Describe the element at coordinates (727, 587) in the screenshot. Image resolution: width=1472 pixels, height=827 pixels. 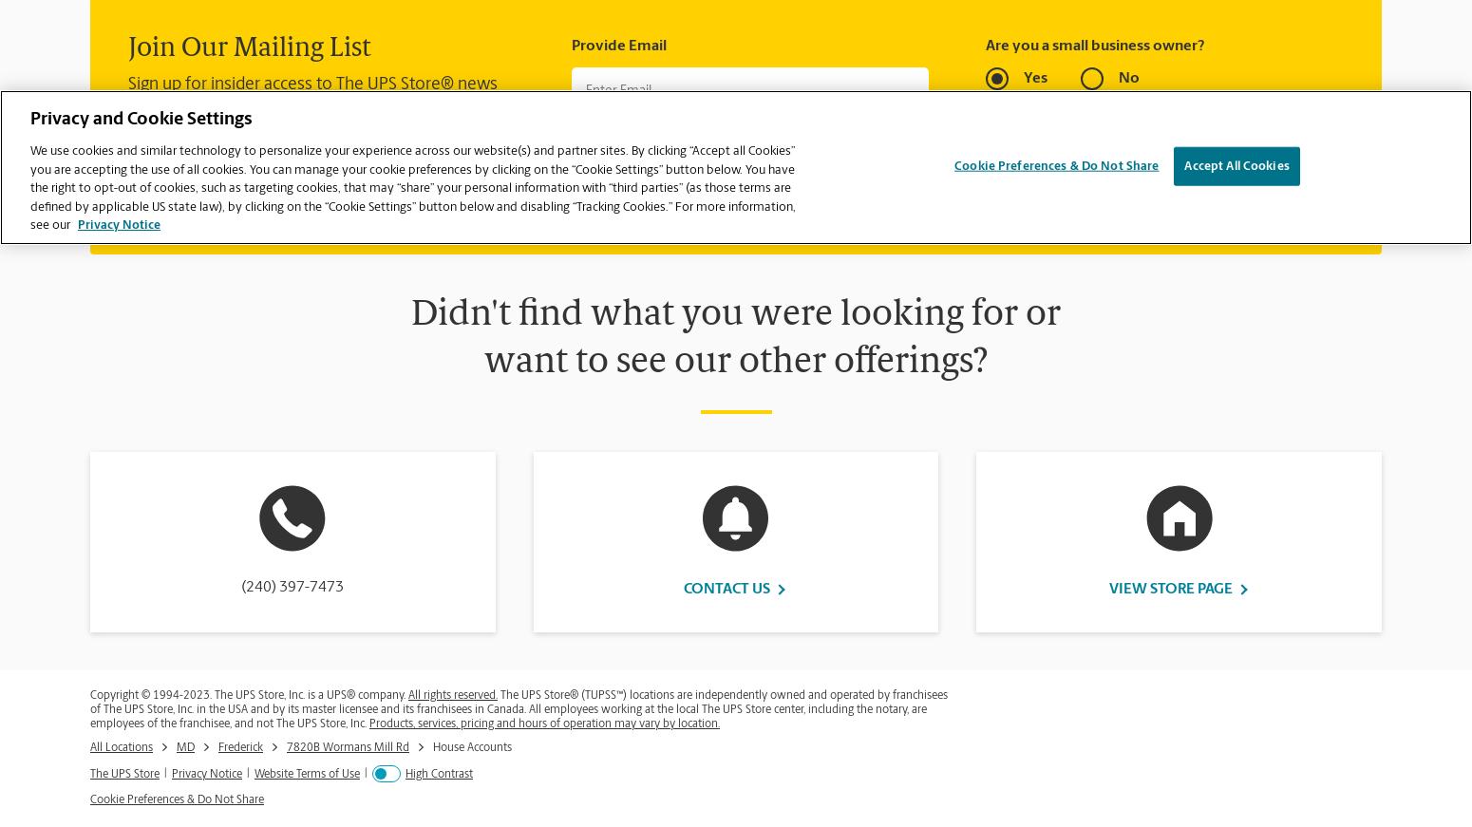
I see `'Contact Us'` at that location.